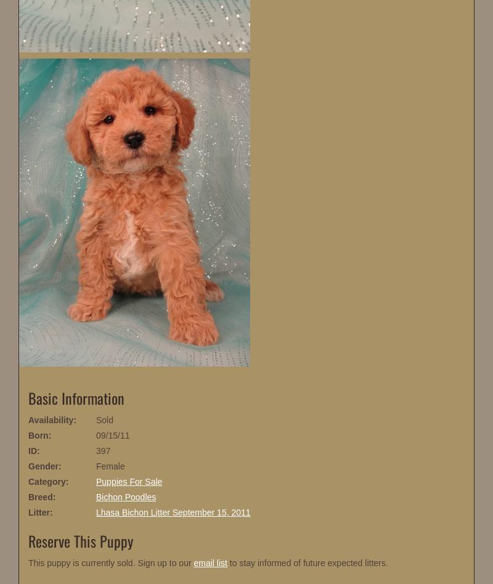  What do you see at coordinates (129, 482) in the screenshot?
I see `'Puppies For Sale'` at bounding box center [129, 482].